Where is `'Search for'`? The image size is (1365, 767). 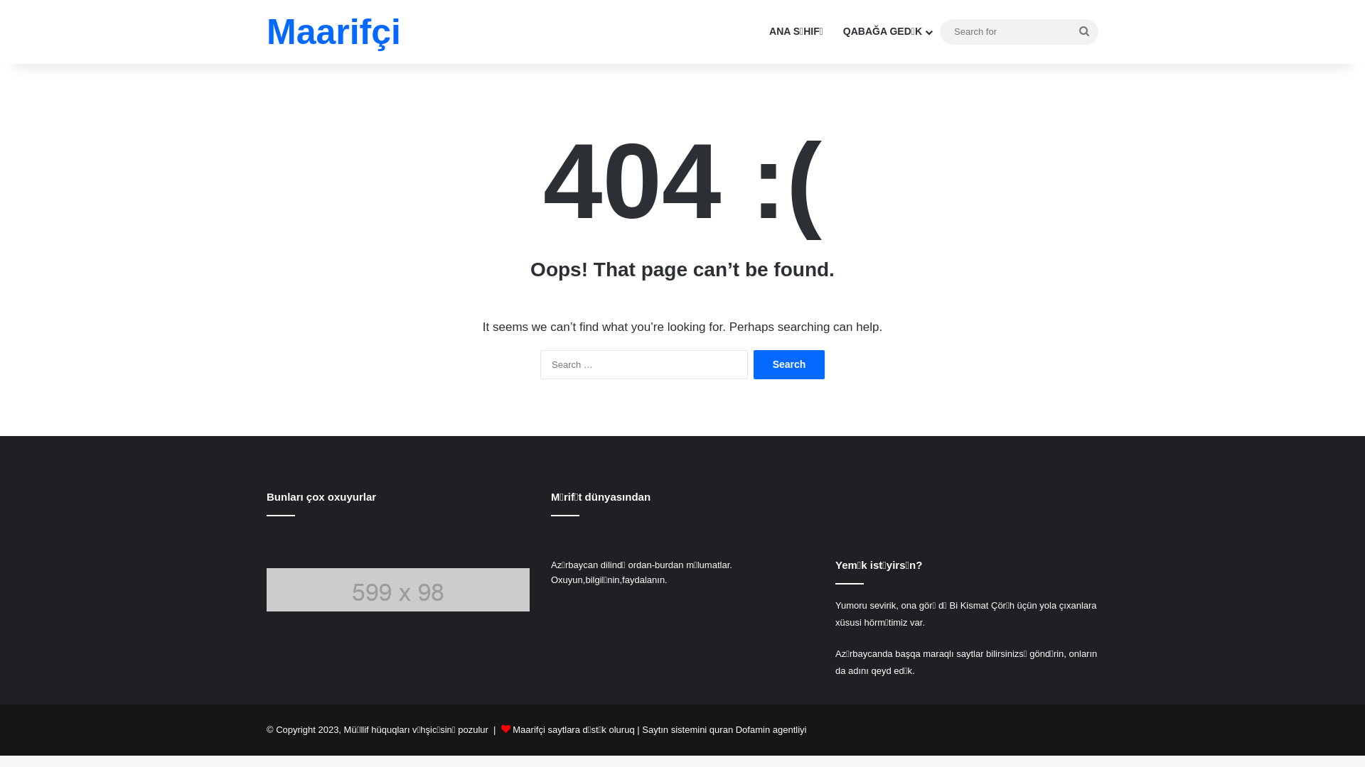
'Search for' is located at coordinates (1018, 31).